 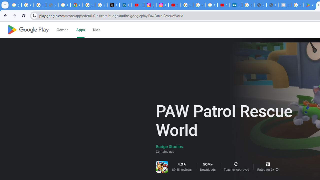 I want to click on 'Content rating', so click(x=267, y=164).